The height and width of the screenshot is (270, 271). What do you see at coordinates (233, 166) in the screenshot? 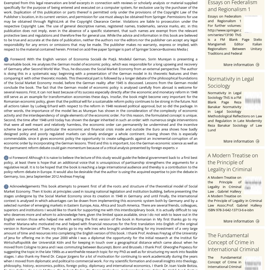
I see `'A Modern Treatise on the Principle of Legality in Criminal Law'` at bounding box center [233, 166].